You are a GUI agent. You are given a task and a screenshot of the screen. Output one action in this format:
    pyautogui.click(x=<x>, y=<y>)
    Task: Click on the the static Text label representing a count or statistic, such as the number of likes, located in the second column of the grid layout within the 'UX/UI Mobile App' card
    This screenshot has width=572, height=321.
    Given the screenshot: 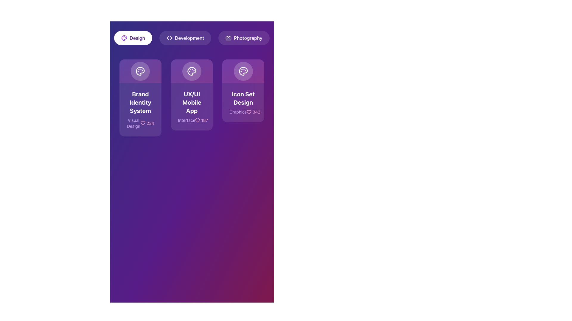 What is the action you would take?
    pyautogui.click(x=204, y=120)
    